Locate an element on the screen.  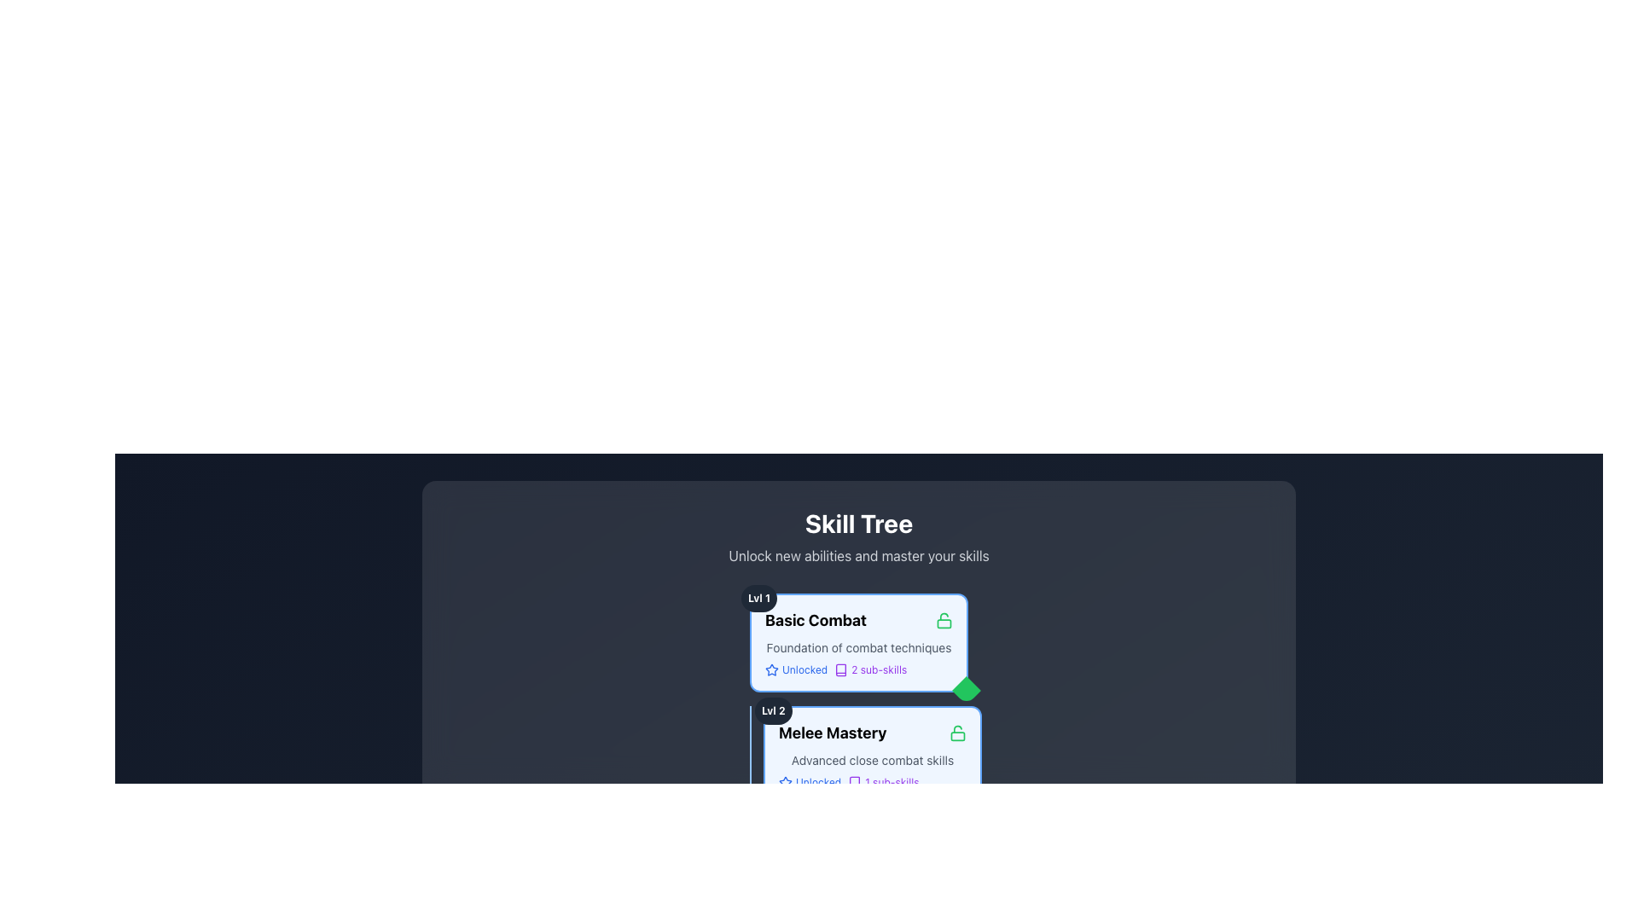
rounded-corner rectangle inside the lock icon of the 'Basic Combat' skill, indicating that the skill is locked or unavailable is located at coordinates (944, 623).